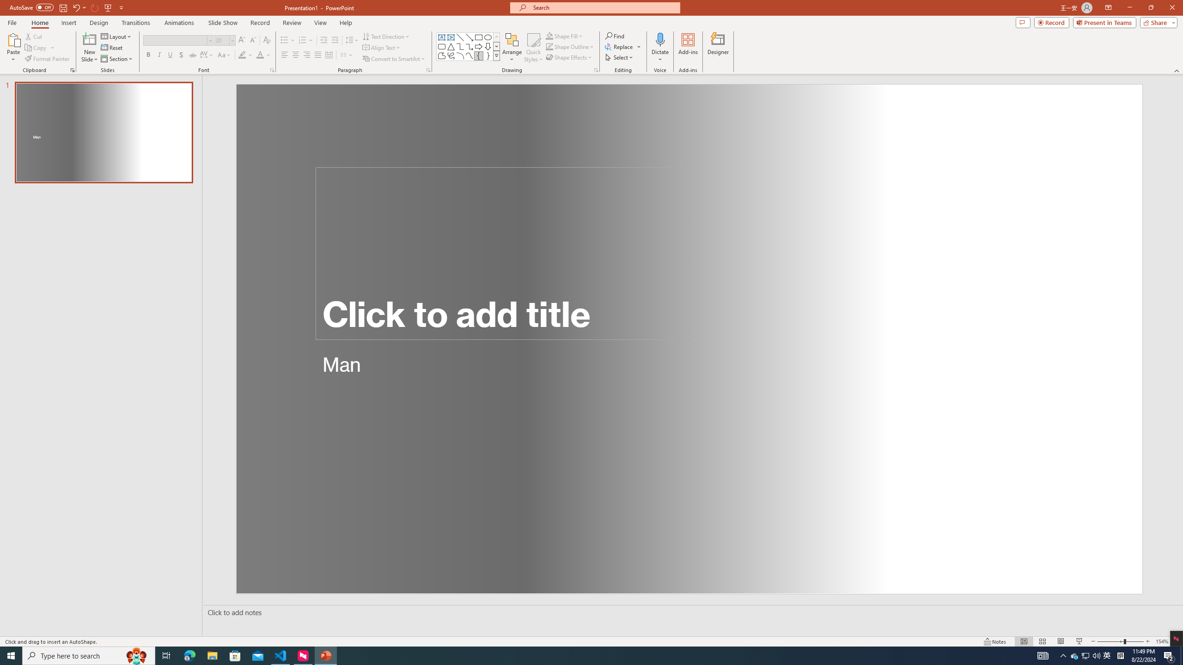 The image size is (1183, 665). Describe the element at coordinates (478, 55) in the screenshot. I see `'Left Brace'` at that location.